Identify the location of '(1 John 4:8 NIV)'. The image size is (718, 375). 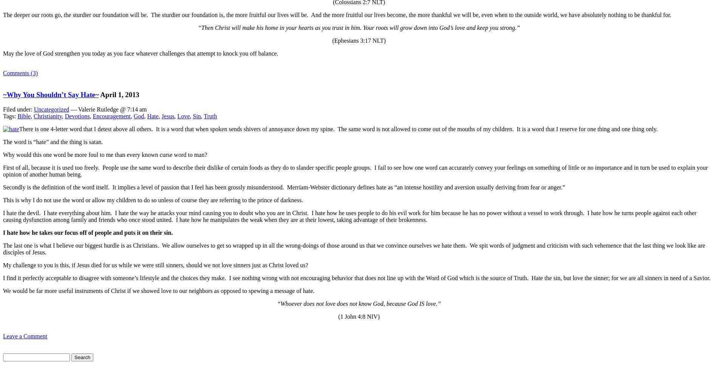
(358, 316).